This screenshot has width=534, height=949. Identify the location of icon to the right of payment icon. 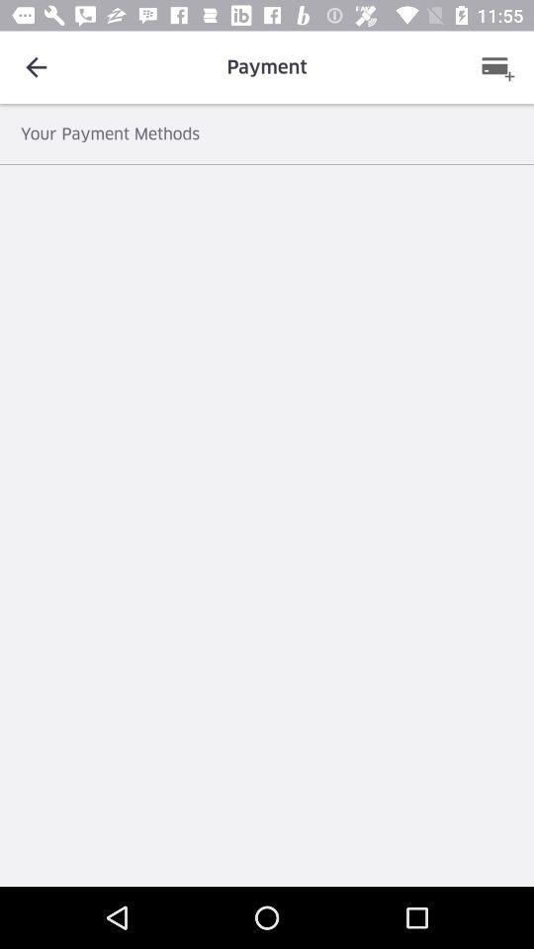
(496, 67).